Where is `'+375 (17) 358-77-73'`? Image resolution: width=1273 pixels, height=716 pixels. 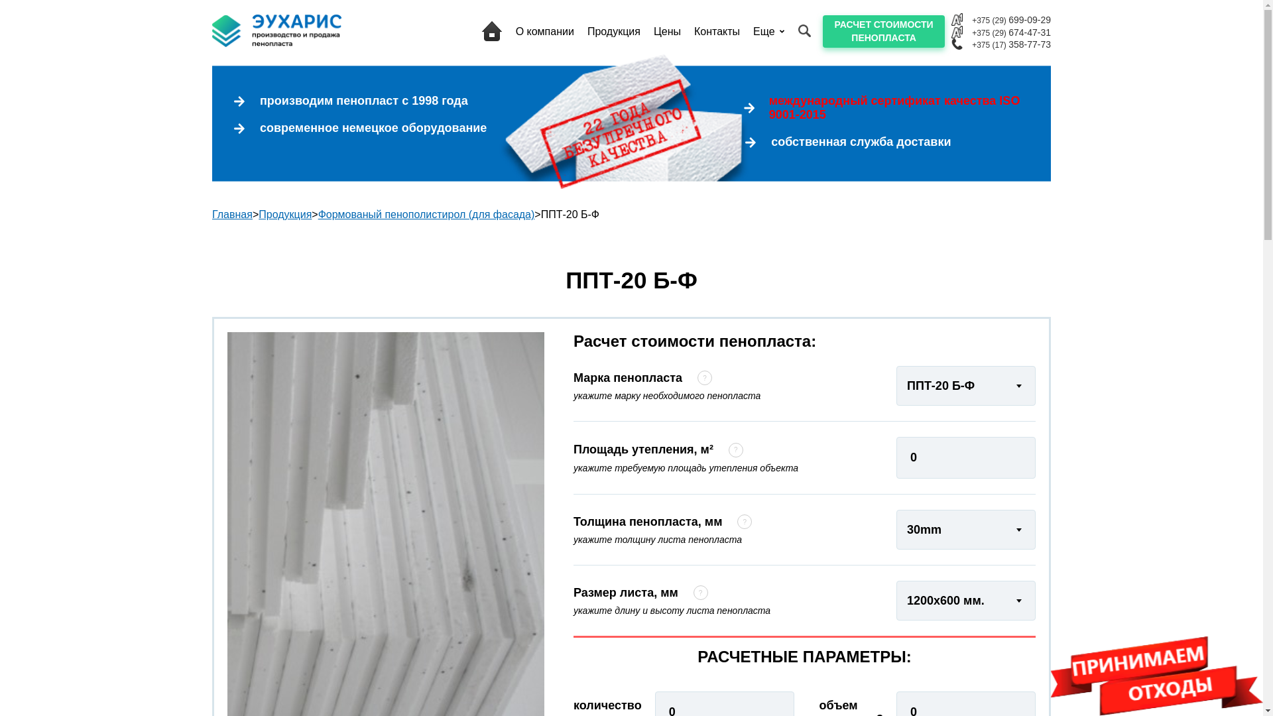 '+375 (17) 358-77-73' is located at coordinates (1006, 43).